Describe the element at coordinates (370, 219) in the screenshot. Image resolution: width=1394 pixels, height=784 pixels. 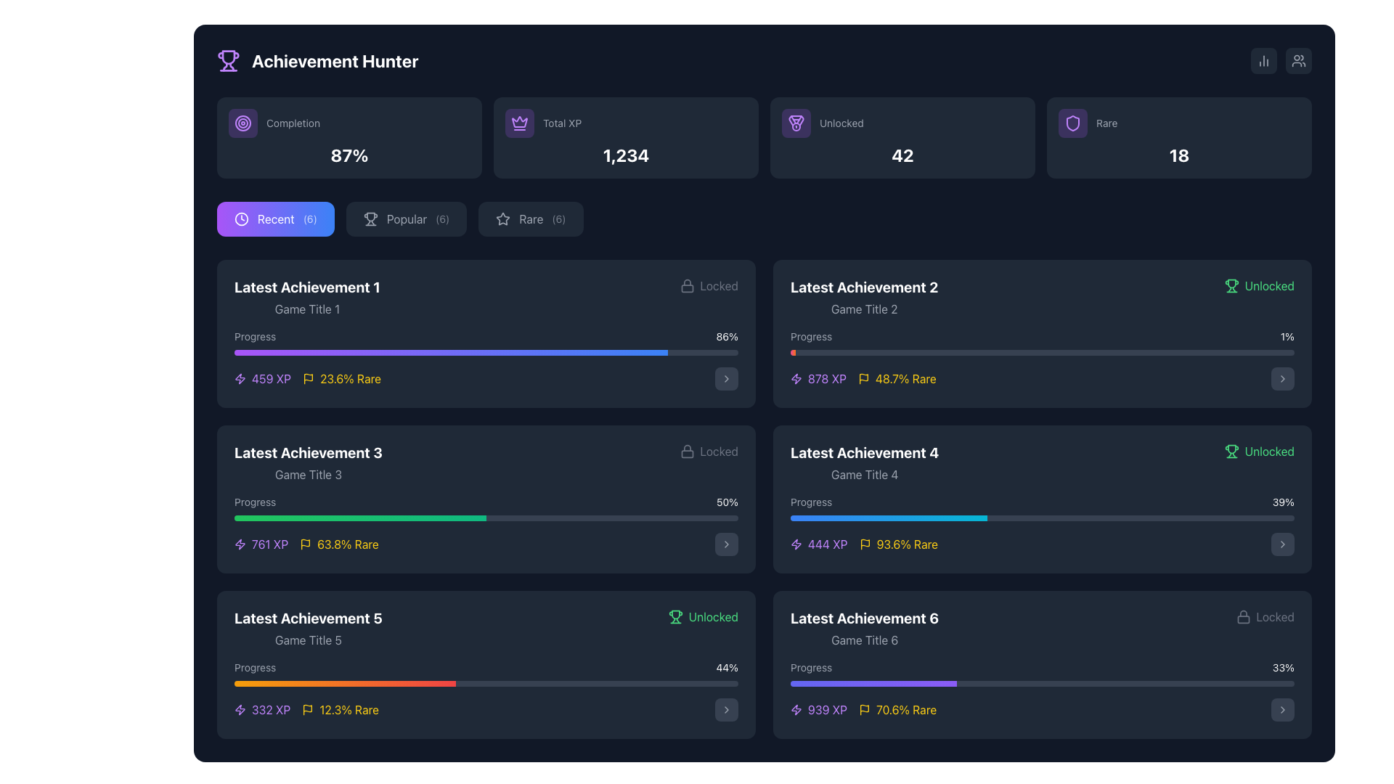
I see `the trophy icon within the 'Popular (6)' button, which is styled as a lineart trophy symbol with gray coloring` at that location.